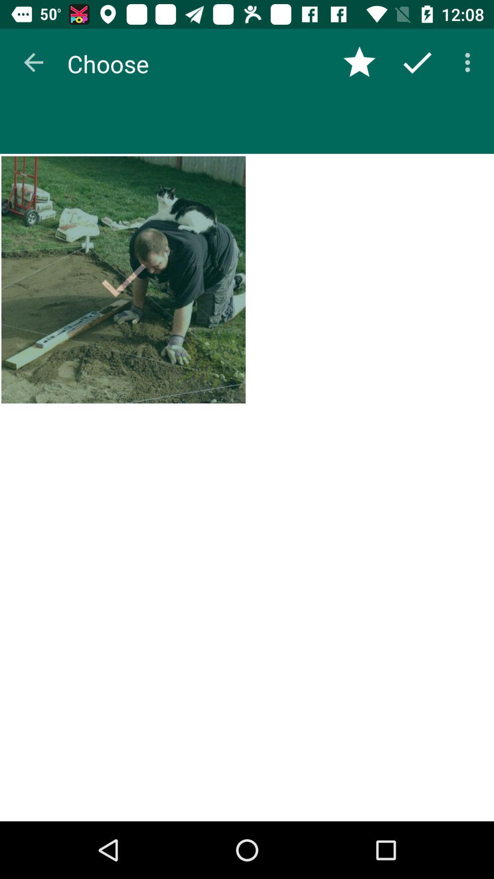 The height and width of the screenshot is (879, 494). What do you see at coordinates (33, 62) in the screenshot?
I see `the icon next to choose` at bounding box center [33, 62].